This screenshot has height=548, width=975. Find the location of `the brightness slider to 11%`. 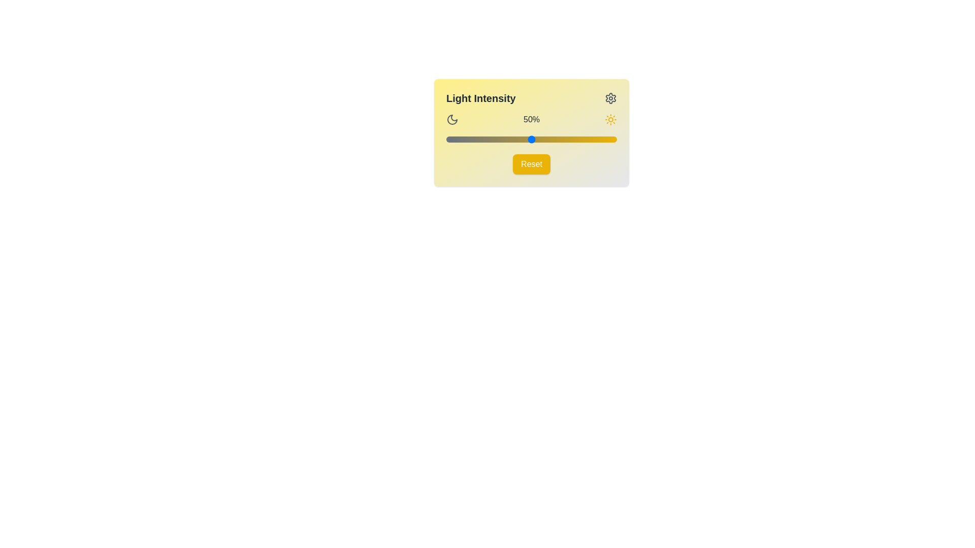

the brightness slider to 11% is located at coordinates (465, 139).